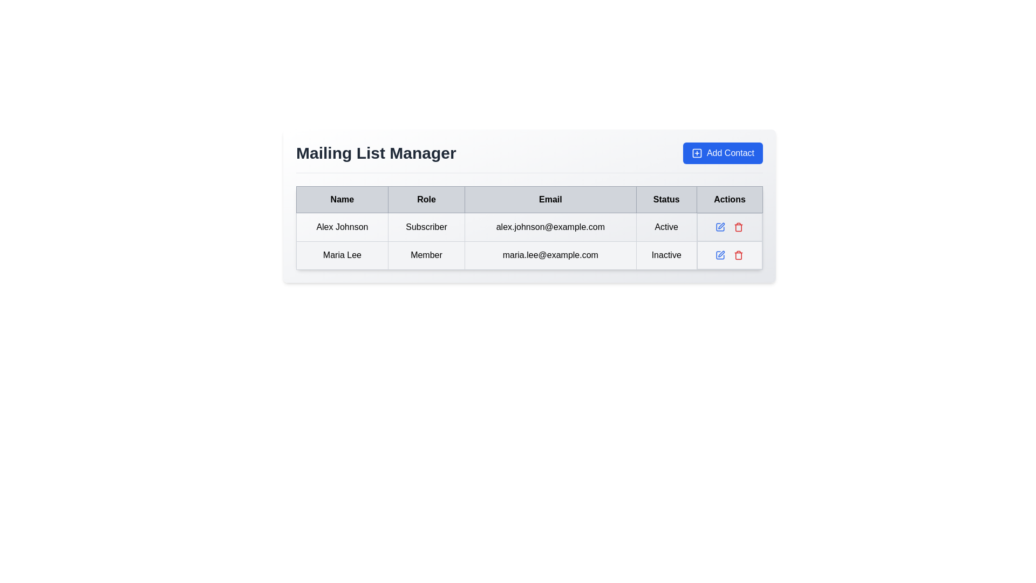 The height and width of the screenshot is (583, 1036). I want to click on the blue square icon with a pen inside, located in the 'Actions' column of the second row in the data table, so click(720, 255).